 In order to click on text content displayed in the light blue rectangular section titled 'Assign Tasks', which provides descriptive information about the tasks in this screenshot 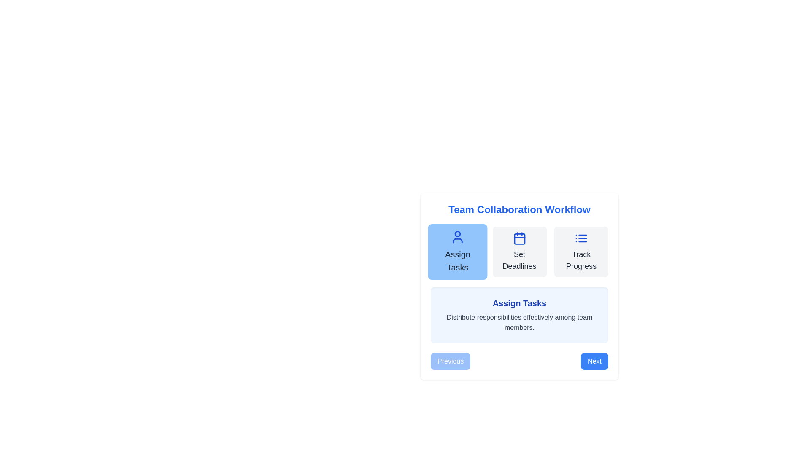, I will do `click(519, 322)`.